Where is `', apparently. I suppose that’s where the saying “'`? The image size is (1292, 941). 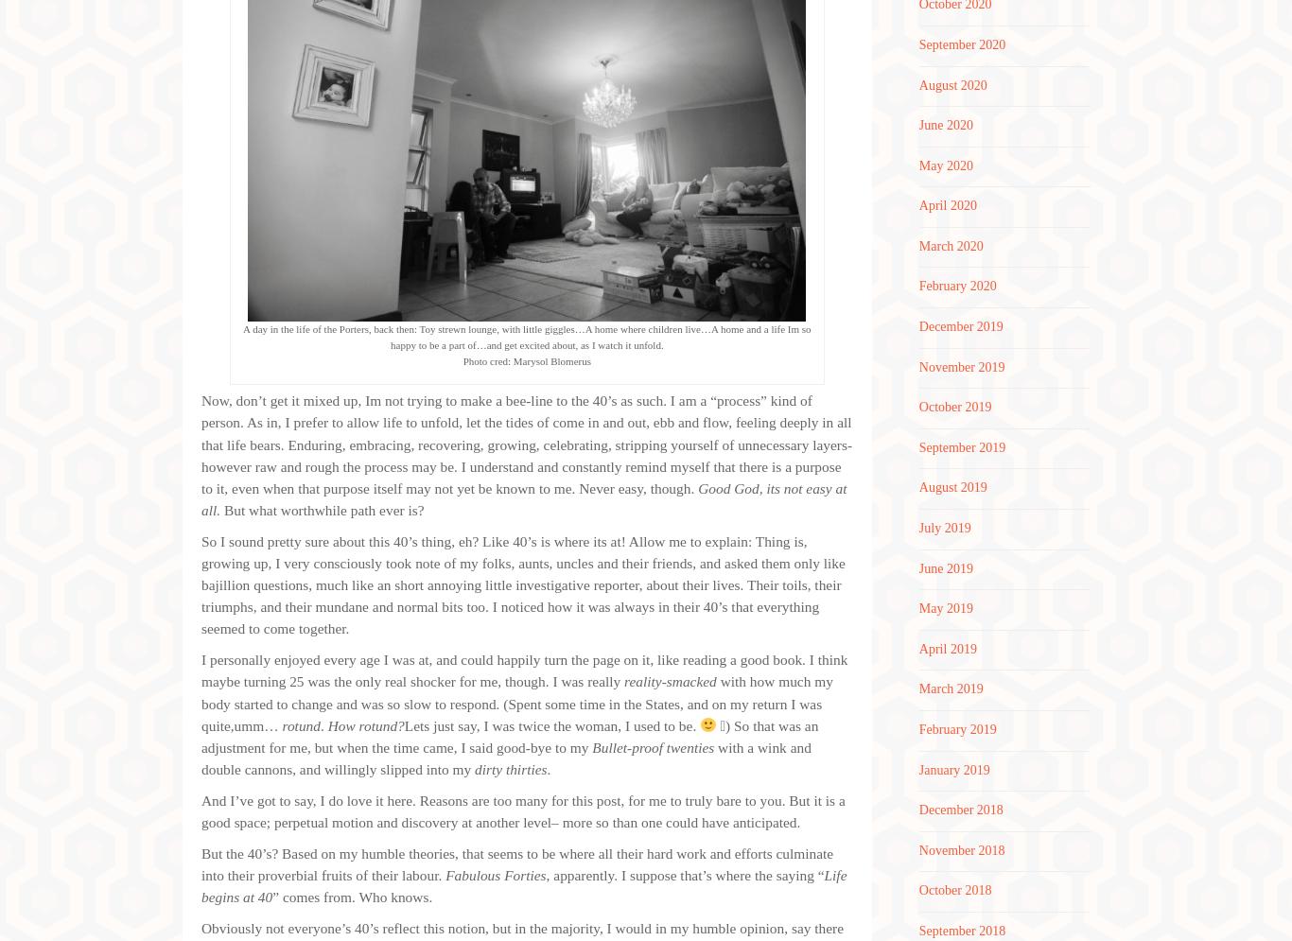 ', apparently. I suppose that’s where the saying “' is located at coordinates (544, 875).